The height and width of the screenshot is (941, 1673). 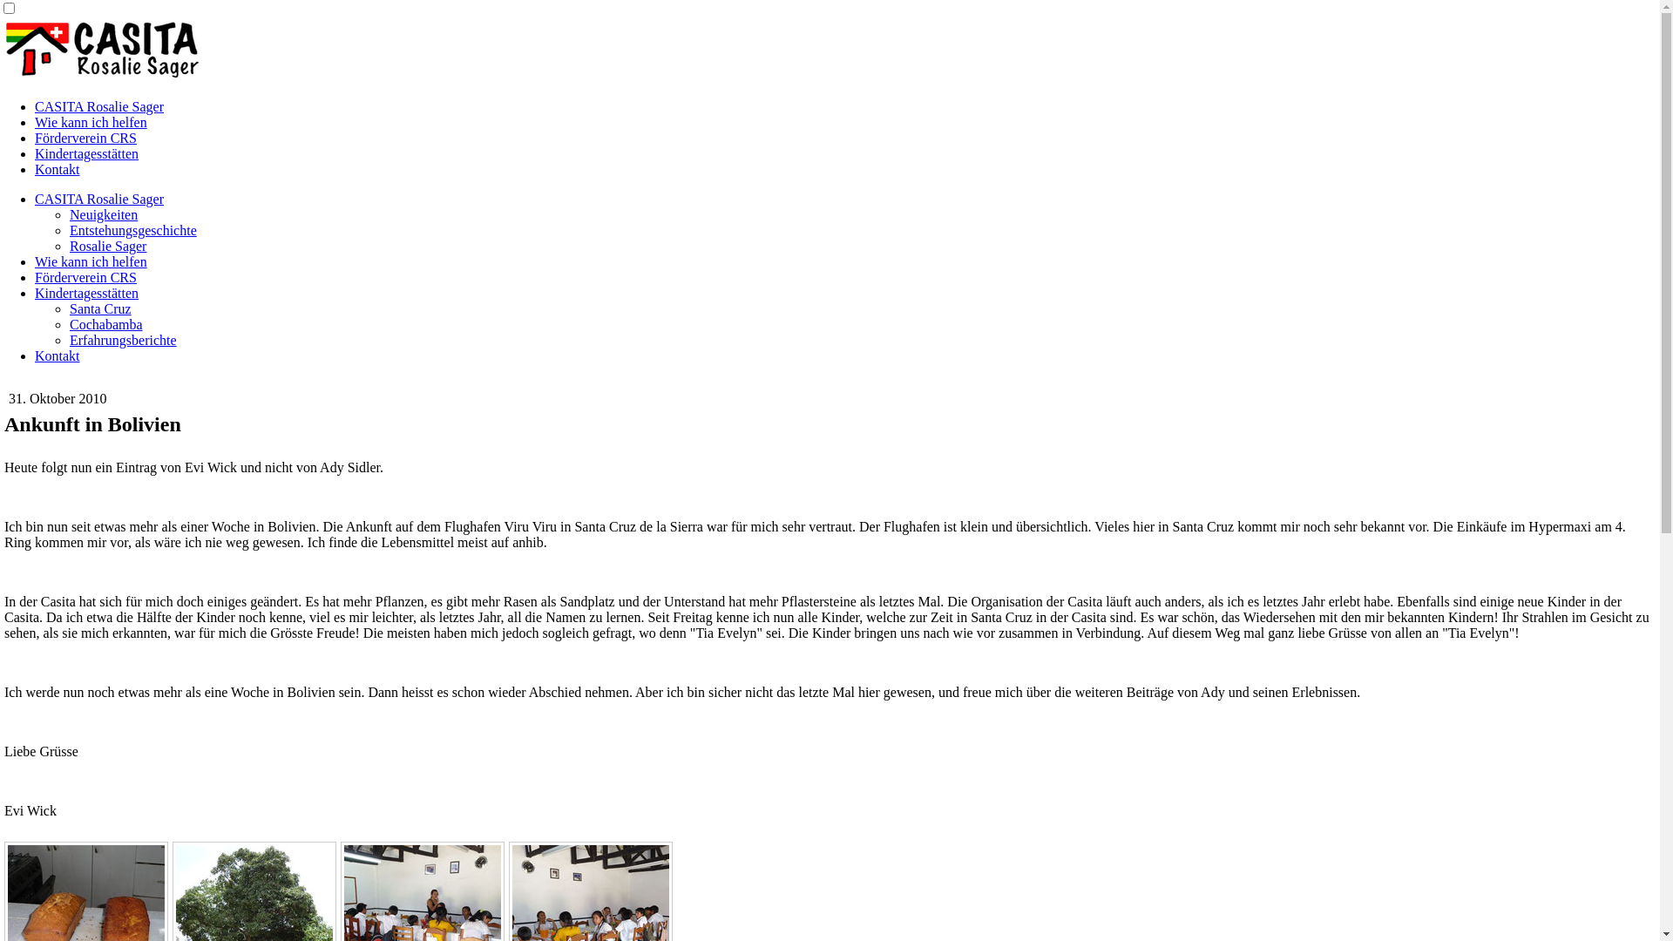 I want to click on 'Rosalie Sager', so click(x=107, y=246).